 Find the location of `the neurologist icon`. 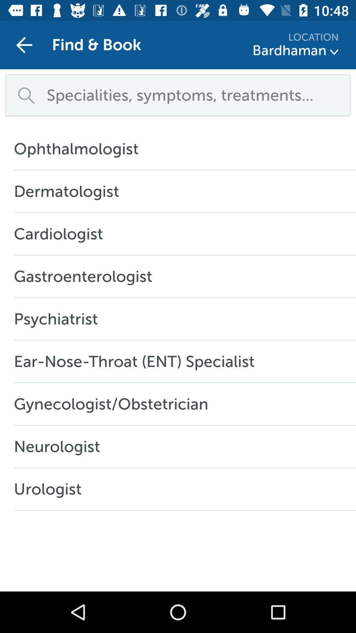

the neurologist icon is located at coordinates (60, 446).